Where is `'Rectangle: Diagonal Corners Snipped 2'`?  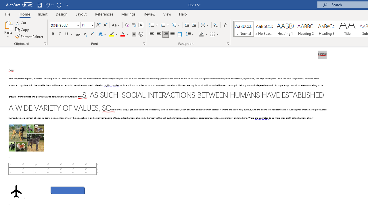 'Rectangle: Diagonal Corners Snipped 2' is located at coordinates (68, 190).